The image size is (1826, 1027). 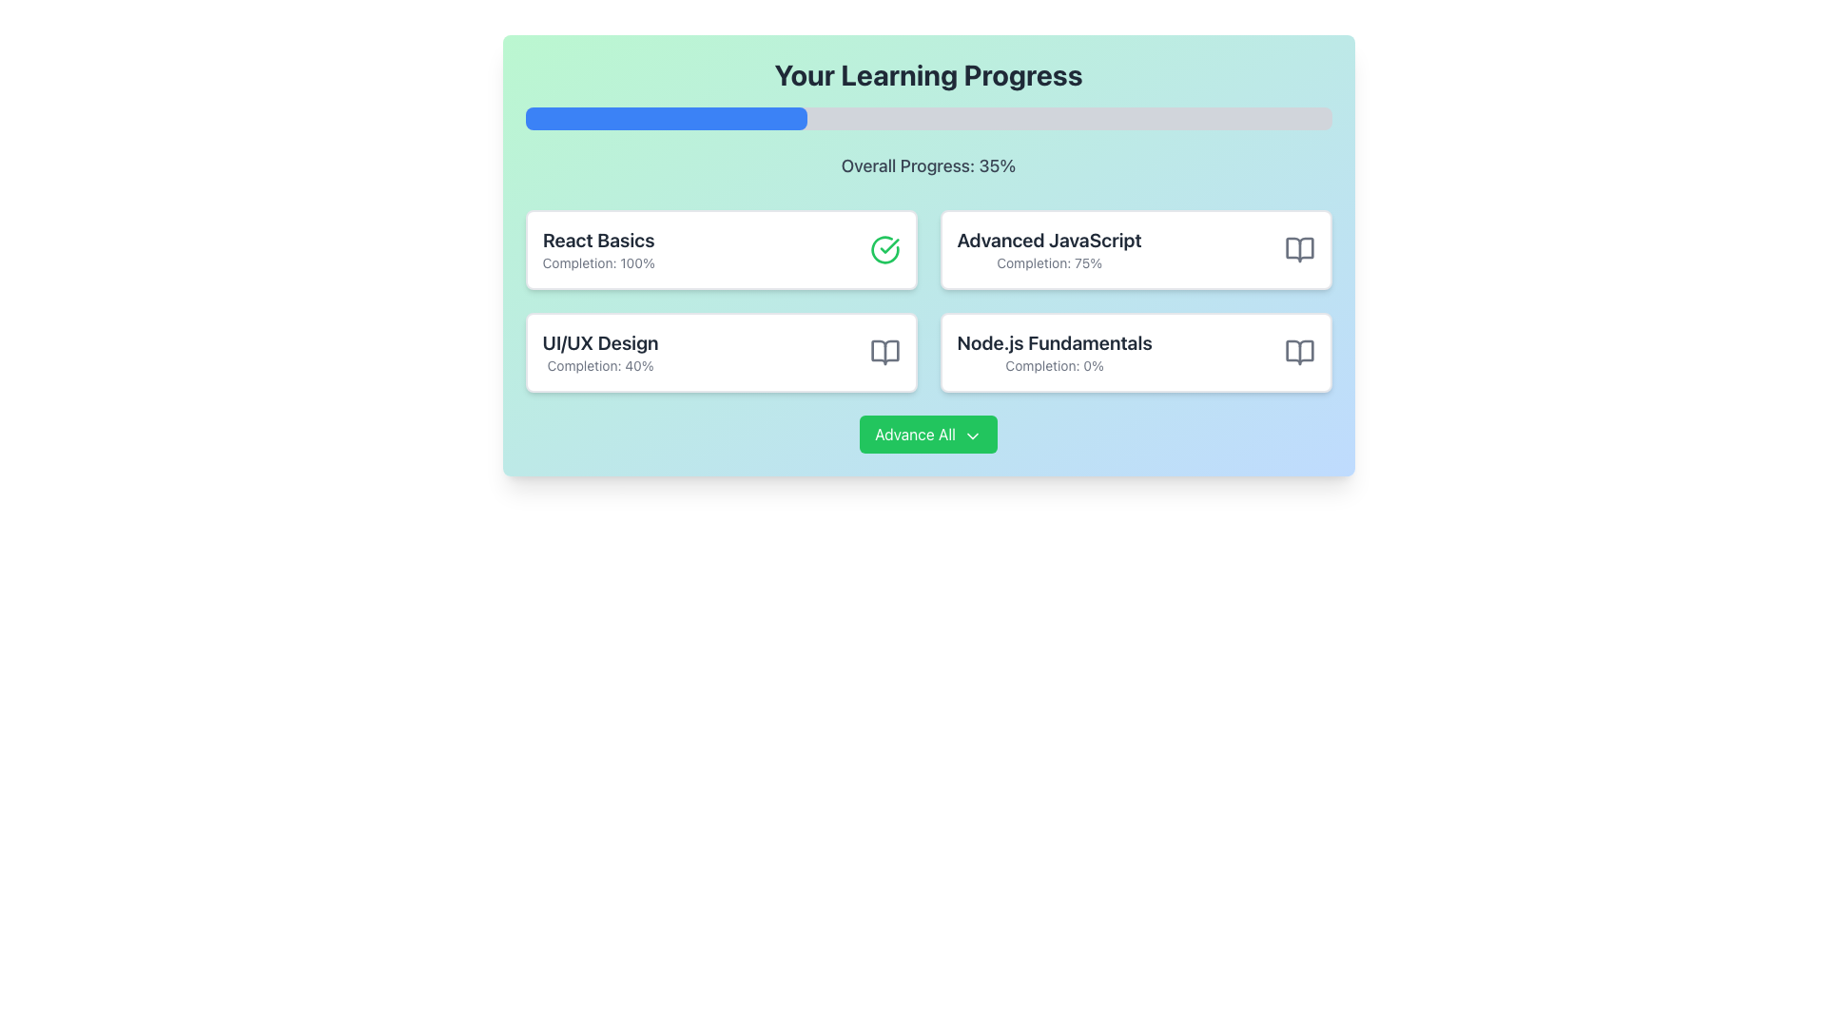 What do you see at coordinates (599, 352) in the screenshot?
I see `Text Block displaying the course title and completion percentage for the UI/UX Design course, positioned below 'Your Learning Progress' in the second card under 'React Basics'` at bounding box center [599, 352].